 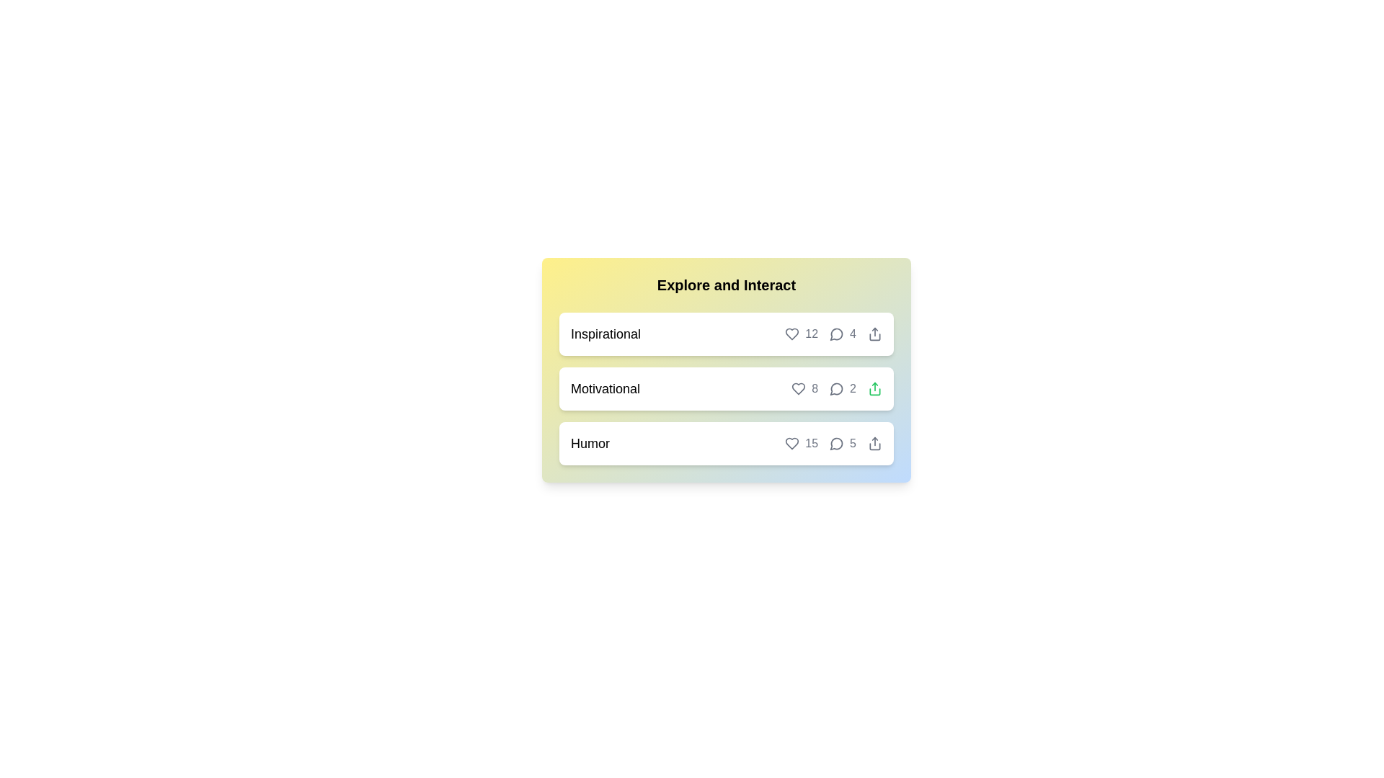 I want to click on the 'message' button for the chip labeled Inspirational, so click(x=837, y=334).